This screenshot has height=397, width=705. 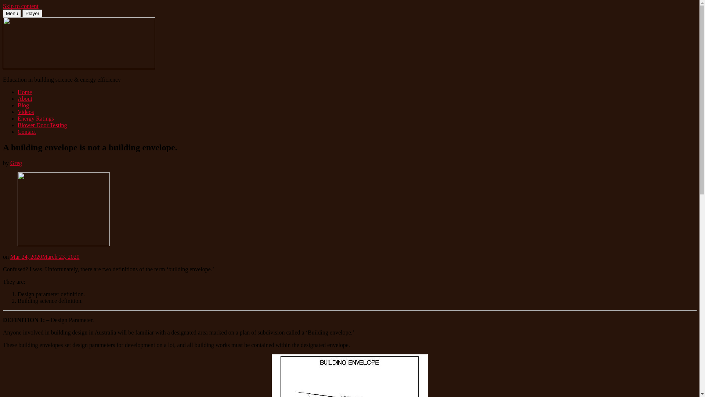 What do you see at coordinates (12, 13) in the screenshot?
I see `'Menu'` at bounding box center [12, 13].